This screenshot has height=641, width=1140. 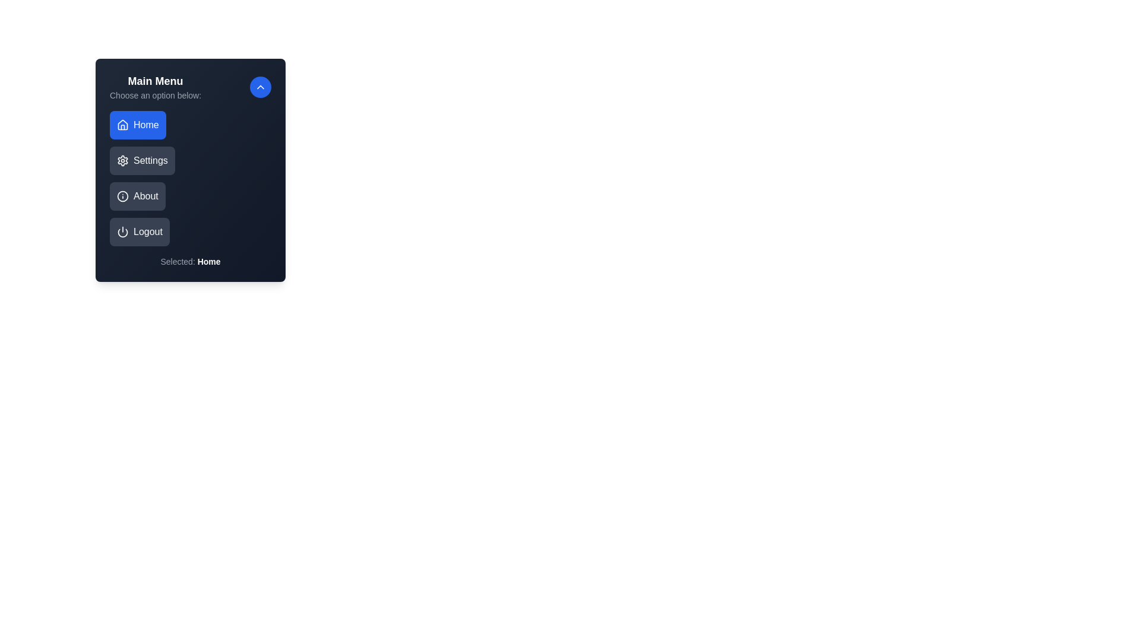 I want to click on the power symbol SVG icon located to the left of the 'Logout' text in the bottom menu list, so click(x=122, y=231).